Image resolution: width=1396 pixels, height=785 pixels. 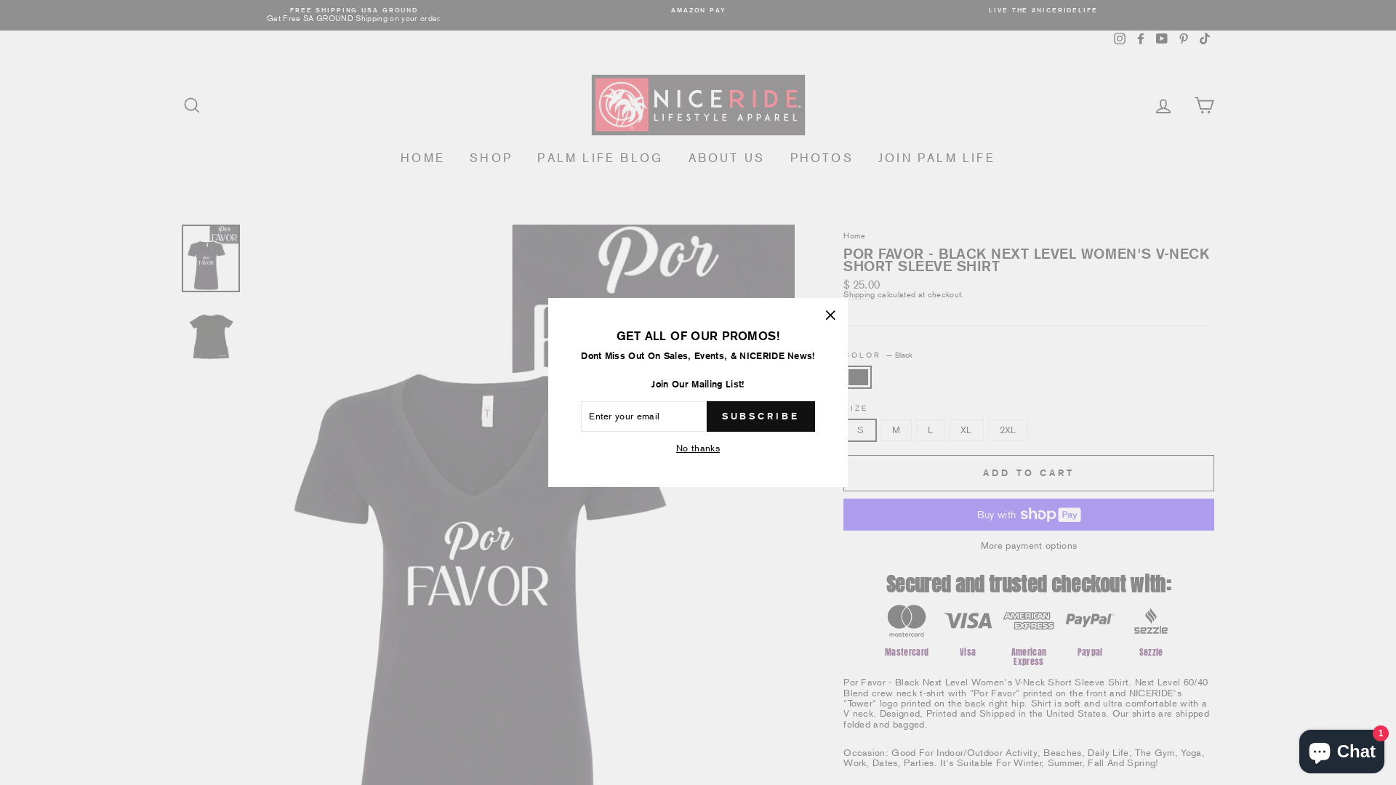 What do you see at coordinates (1204, 39) in the screenshot?
I see `'TikTok'` at bounding box center [1204, 39].